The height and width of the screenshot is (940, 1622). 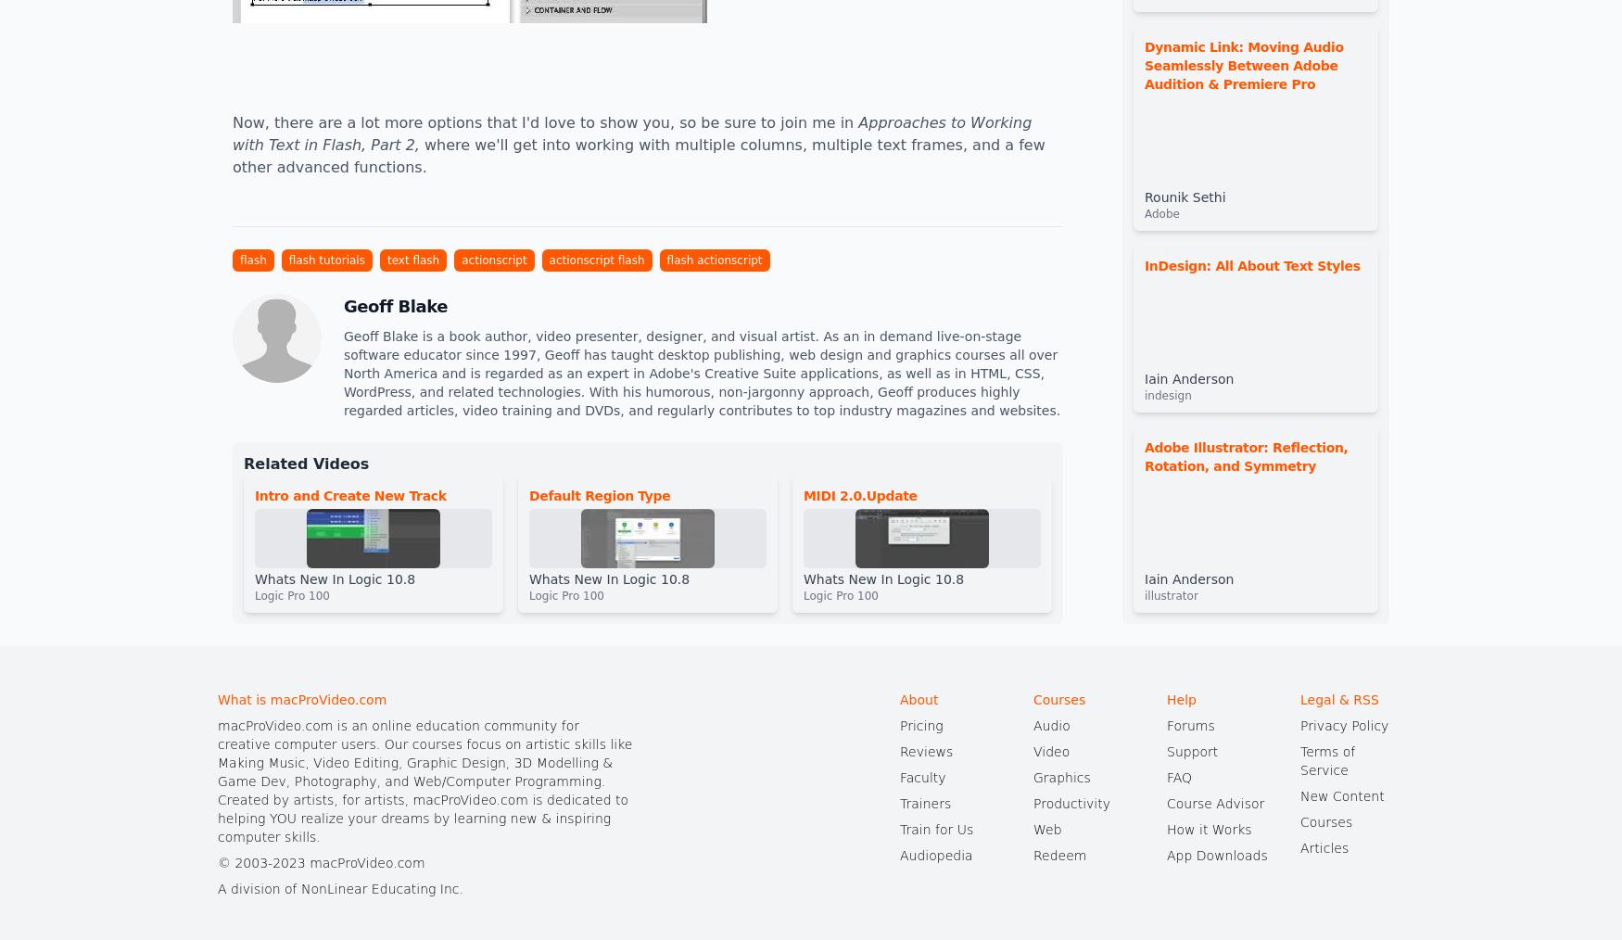 I want to click on 'Approaches to Working with Text in Flash, Part 2,', so click(x=630, y=133).